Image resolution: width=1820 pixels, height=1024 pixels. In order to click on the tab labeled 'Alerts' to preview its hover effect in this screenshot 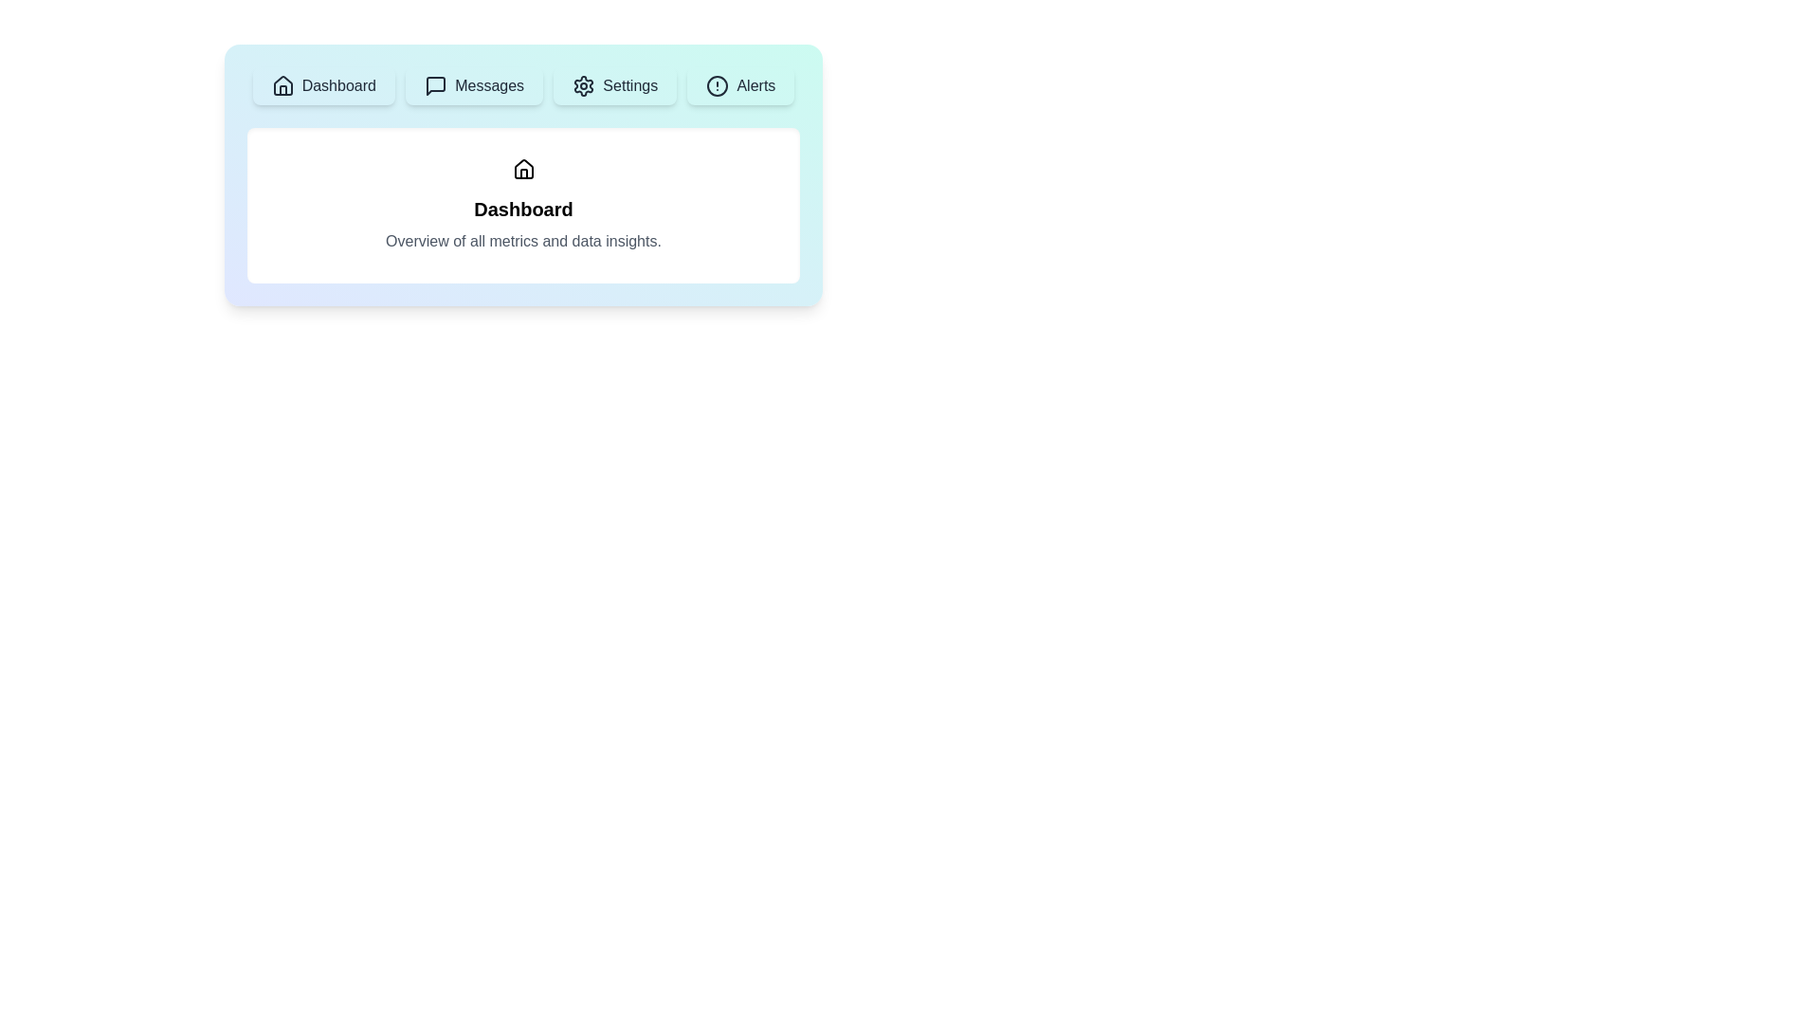, I will do `click(739, 86)`.